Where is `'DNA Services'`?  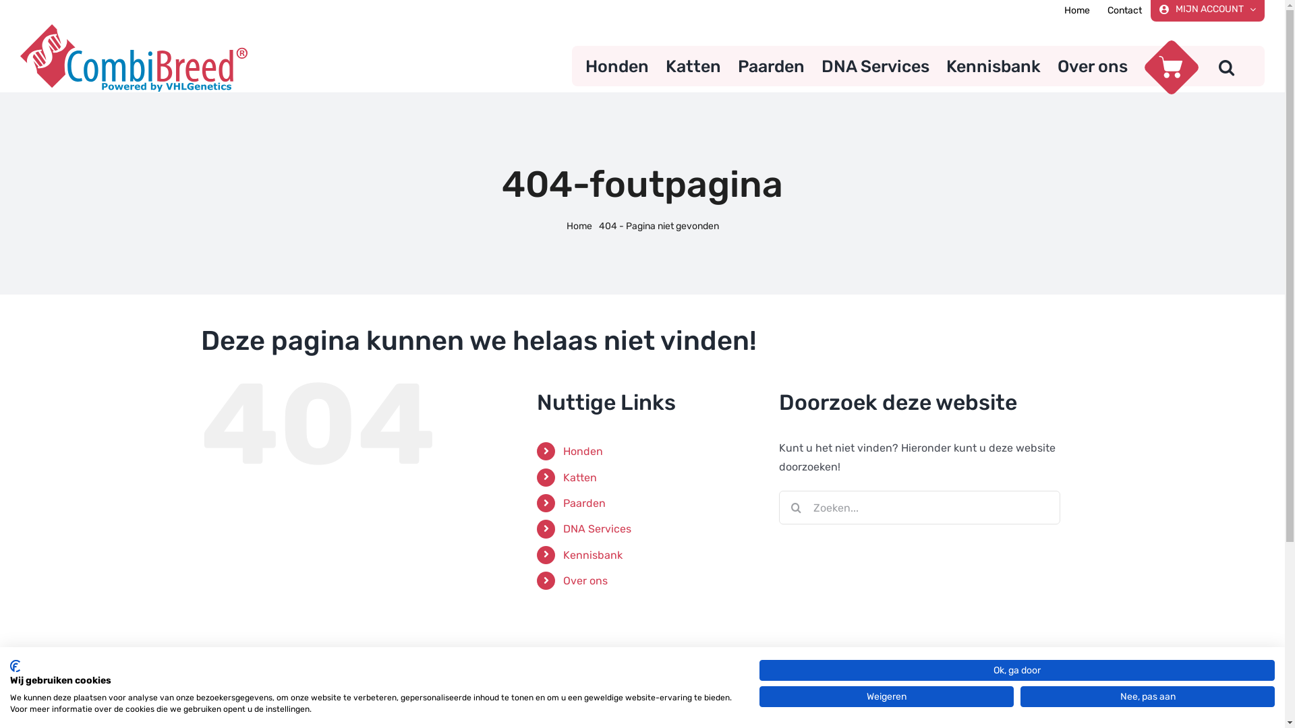 'DNA Services' is located at coordinates (875, 65).